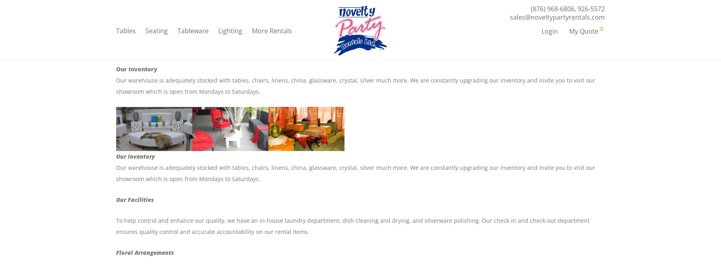  What do you see at coordinates (271, 32) in the screenshot?
I see `'More Rentals'` at bounding box center [271, 32].